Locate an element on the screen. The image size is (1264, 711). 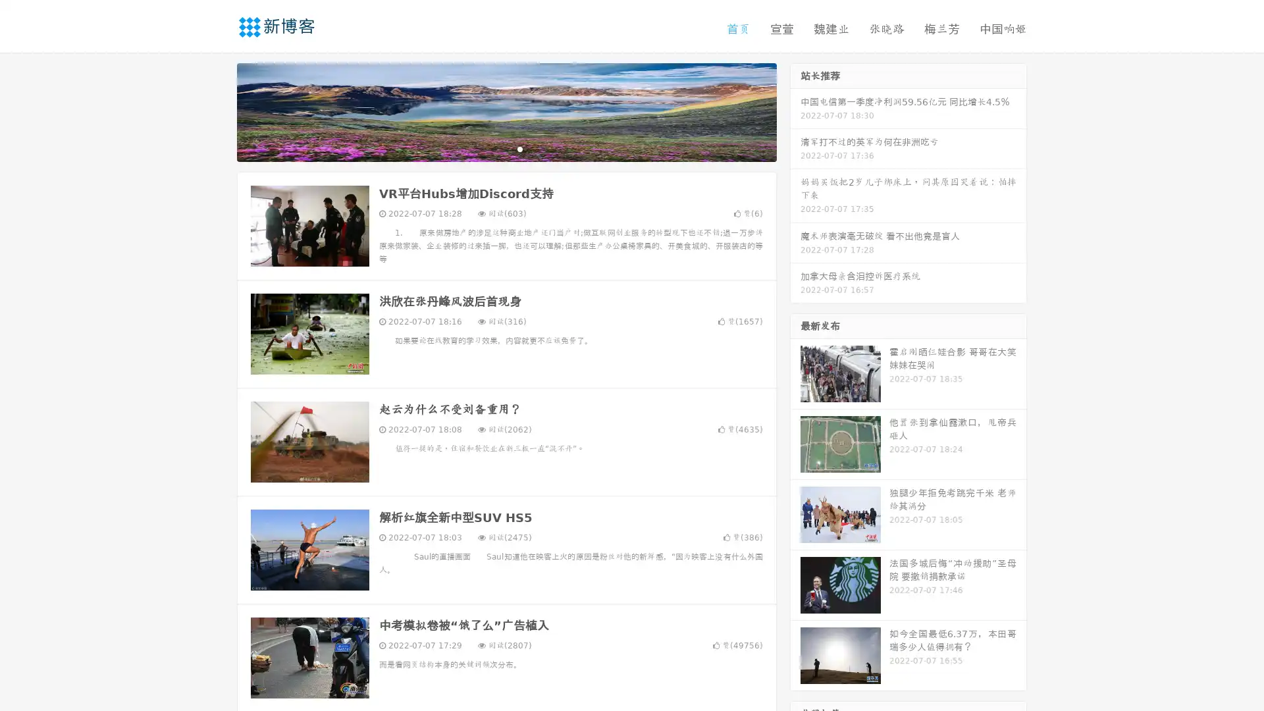
Go to slide 1 is located at coordinates (492, 148).